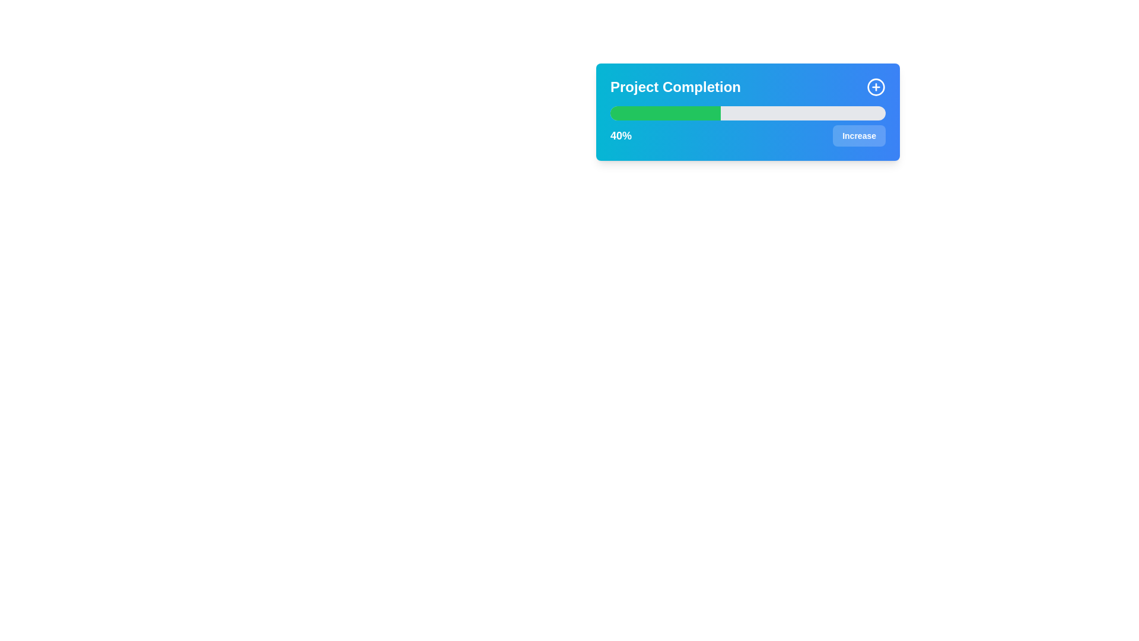 This screenshot has height=641, width=1139. Describe the element at coordinates (876, 86) in the screenshot. I see `the Icon Button located at the top right corner of the 'Project Completion' section` at that location.